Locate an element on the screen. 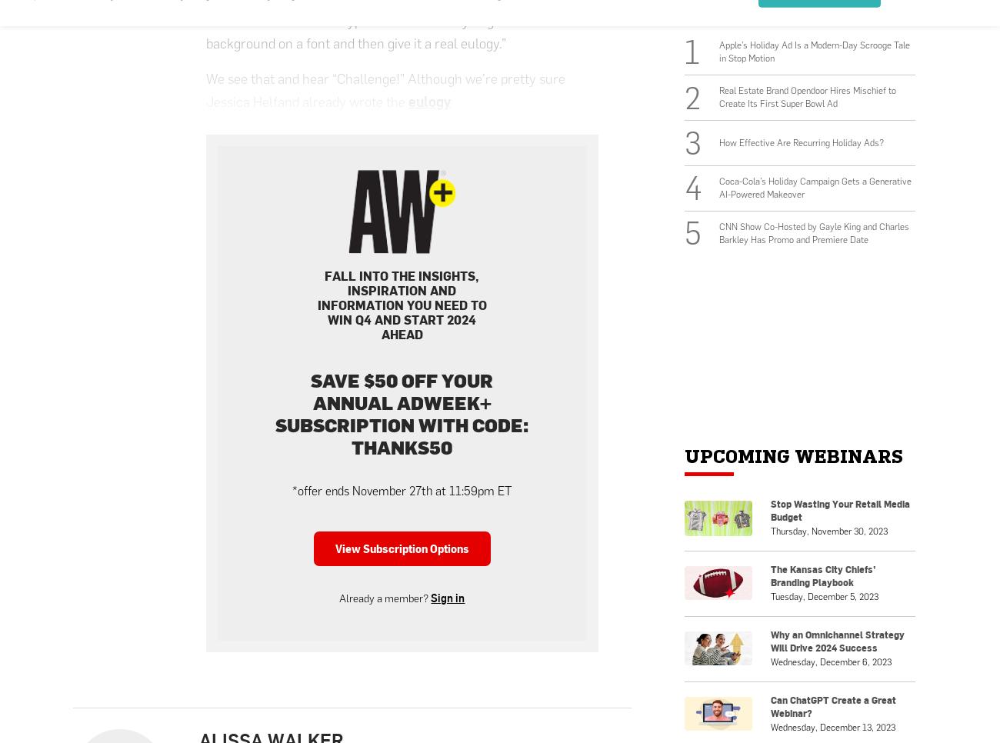 The height and width of the screenshot is (743, 1000). 'CNN Show Co-Hosted by Gayle King and Charles Barkley Has Promo and Premiere Date' is located at coordinates (814, 232).